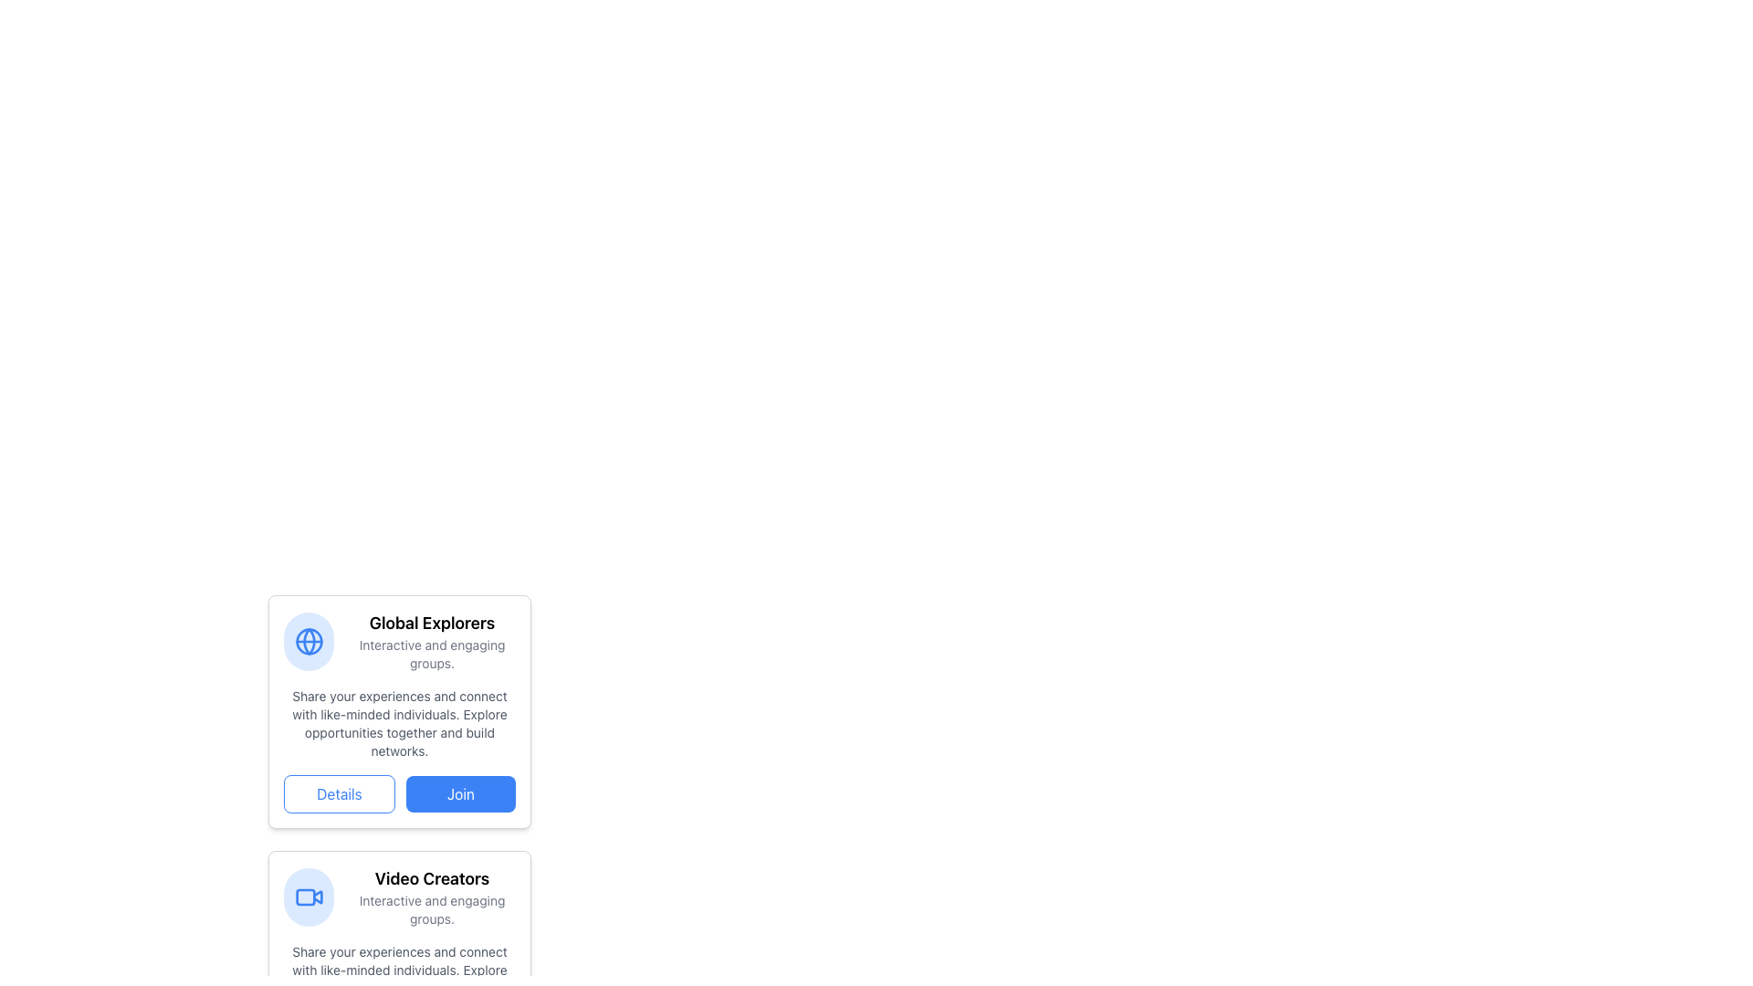 The height and width of the screenshot is (986, 1753). I want to click on text displayed in the Text Display element for the category 'Global Explorers', which is located above a paragraph of text and buttons, and to the right of a circular blue globe icon, so click(431, 640).